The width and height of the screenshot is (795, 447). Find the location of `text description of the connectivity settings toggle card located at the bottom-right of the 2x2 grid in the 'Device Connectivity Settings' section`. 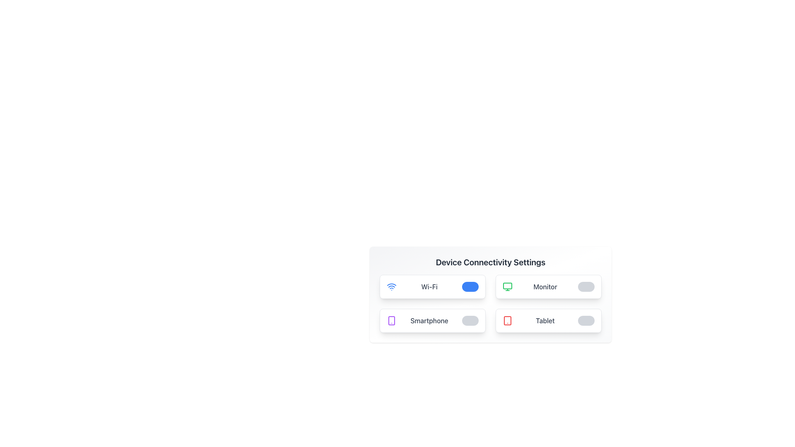

text description of the connectivity settings toggle card located at the bottom-right of the 2x2 grid in the 'Device Connectivity Settings' section is located at coordinates (548, 320).